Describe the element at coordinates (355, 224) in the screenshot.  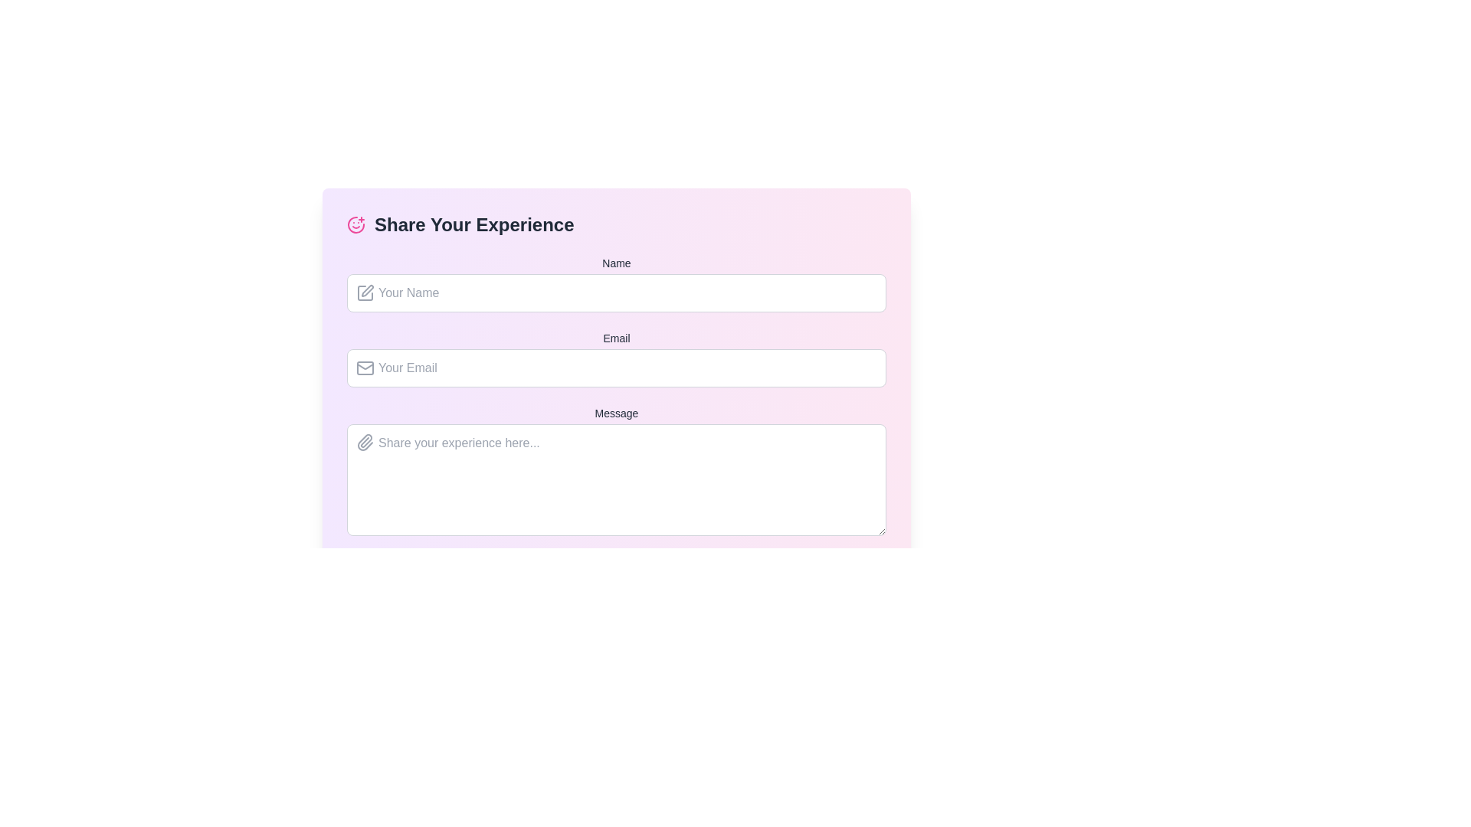
I see `the icon with a smiley and plus sign, which is positioned to the left of the text 'Share Your Experience.'` at that location.